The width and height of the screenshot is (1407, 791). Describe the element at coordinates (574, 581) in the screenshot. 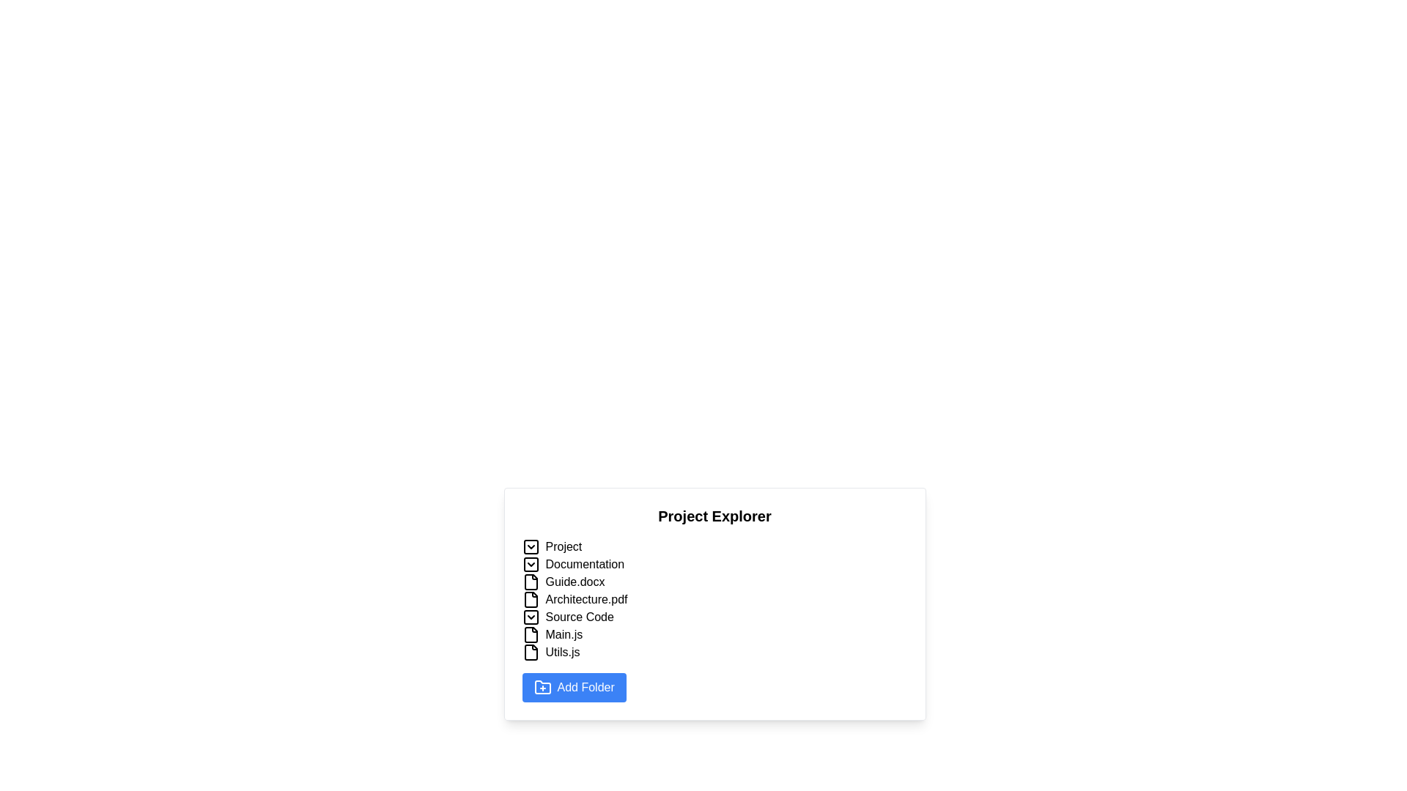

I see `the 'Guide.docx' text label located in the 'Project Explorer' under the 'Documentation' folder` at that location.